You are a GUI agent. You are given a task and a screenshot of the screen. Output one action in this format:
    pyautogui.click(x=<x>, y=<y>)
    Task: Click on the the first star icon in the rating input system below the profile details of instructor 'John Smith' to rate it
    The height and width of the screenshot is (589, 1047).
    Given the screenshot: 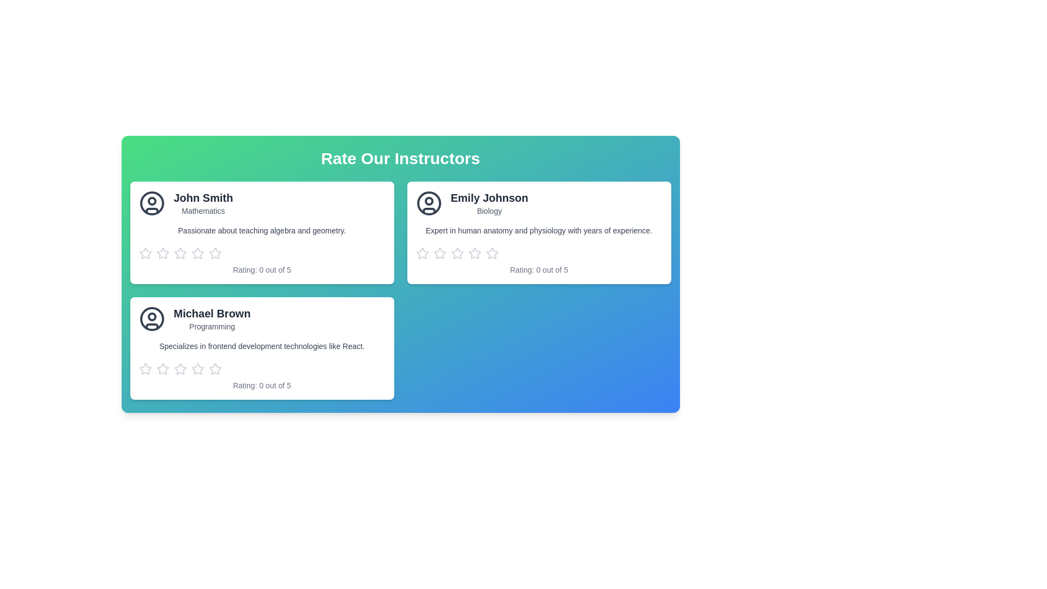 What is the action you would take?
    pyautogui.click(x=162, y=253)
    